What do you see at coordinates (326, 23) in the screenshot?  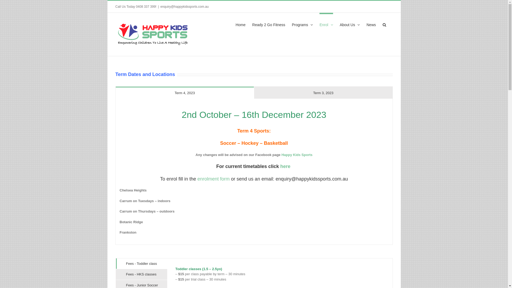 I see `'Enrol'` at bounding box center [326, 23].